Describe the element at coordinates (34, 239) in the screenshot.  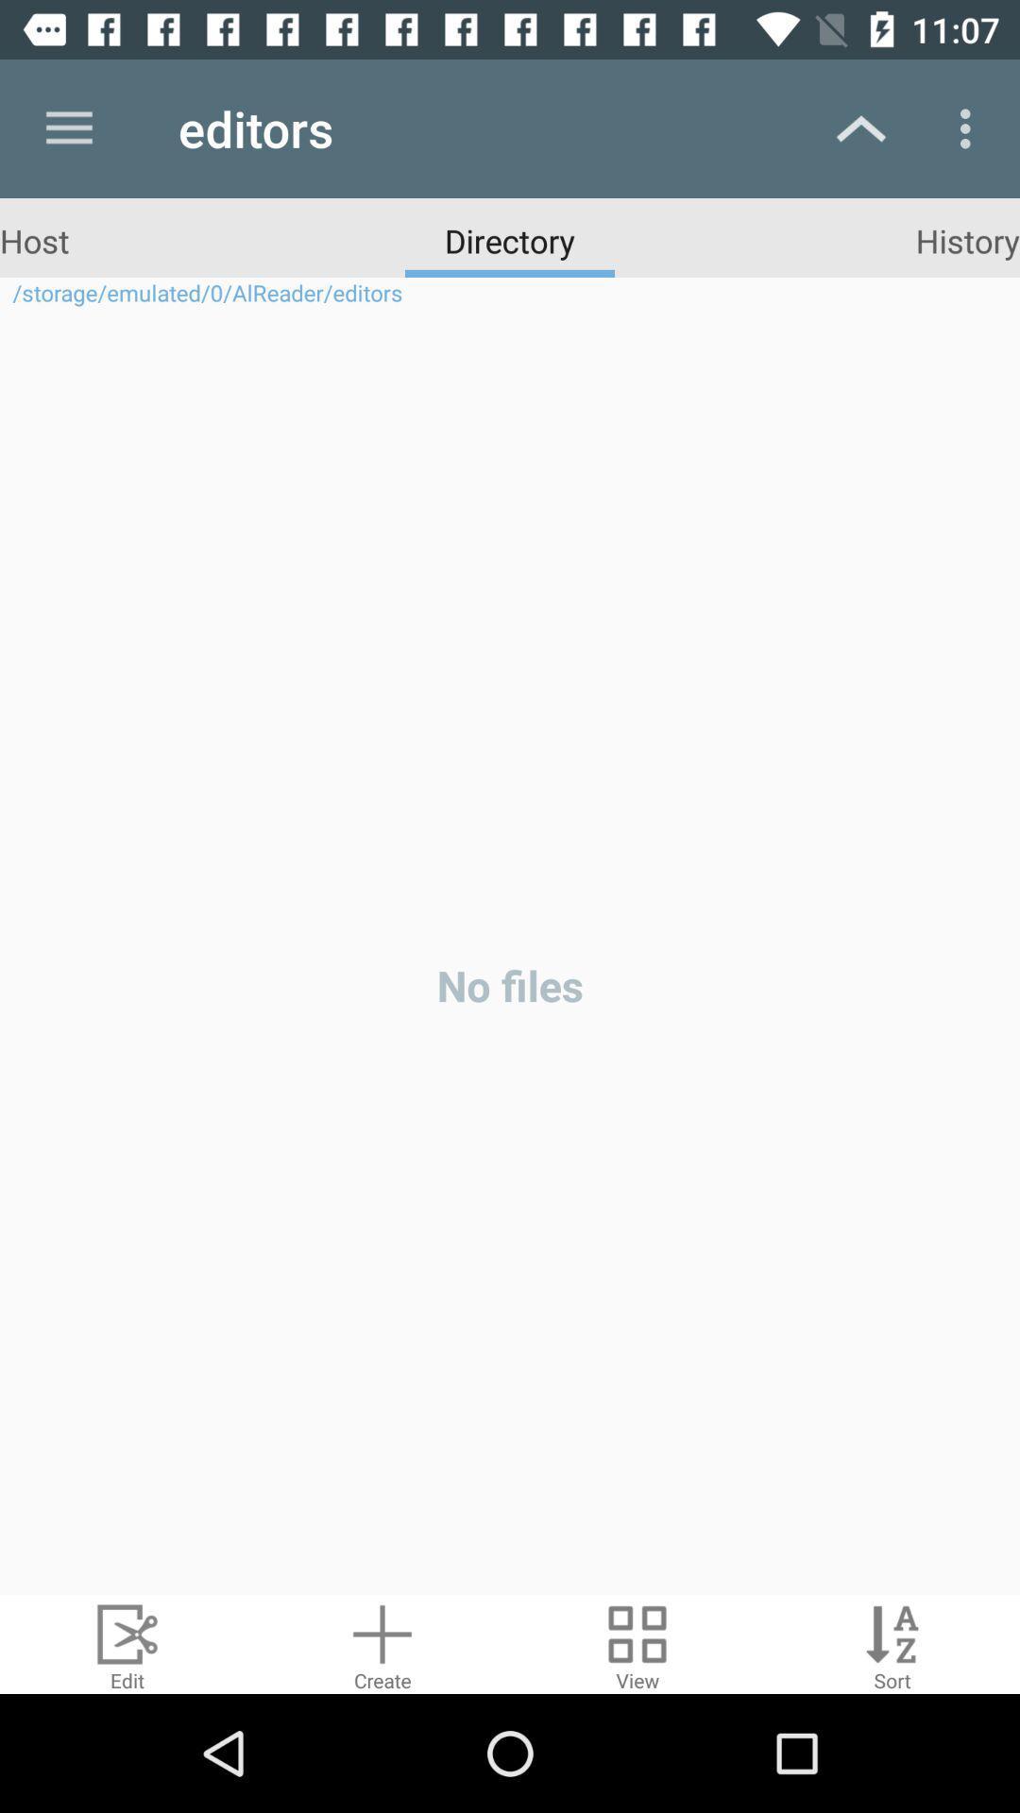
I see `item next to directory app` at that location.